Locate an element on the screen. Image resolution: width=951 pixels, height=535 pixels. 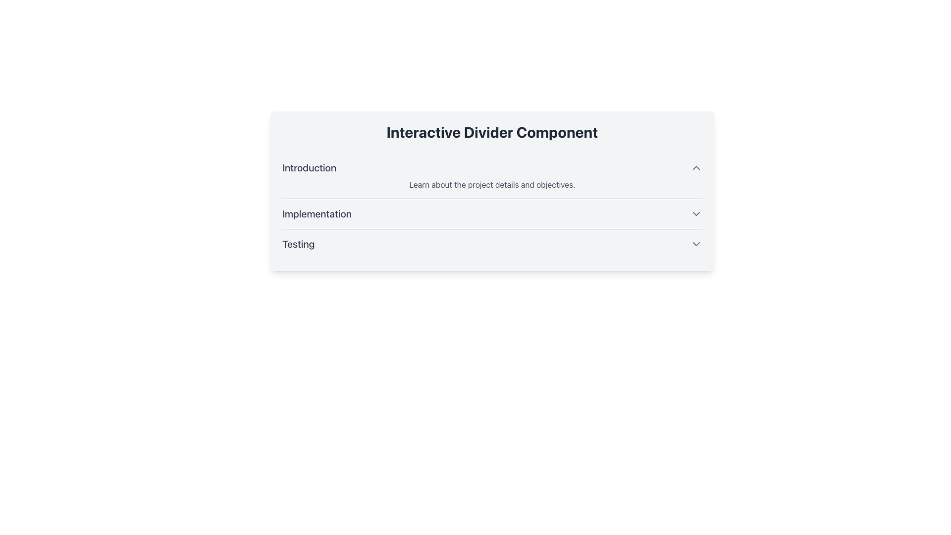
the chevron icon located on the far right side of the 'Introduction' section header is located at coordinates (696, 167).